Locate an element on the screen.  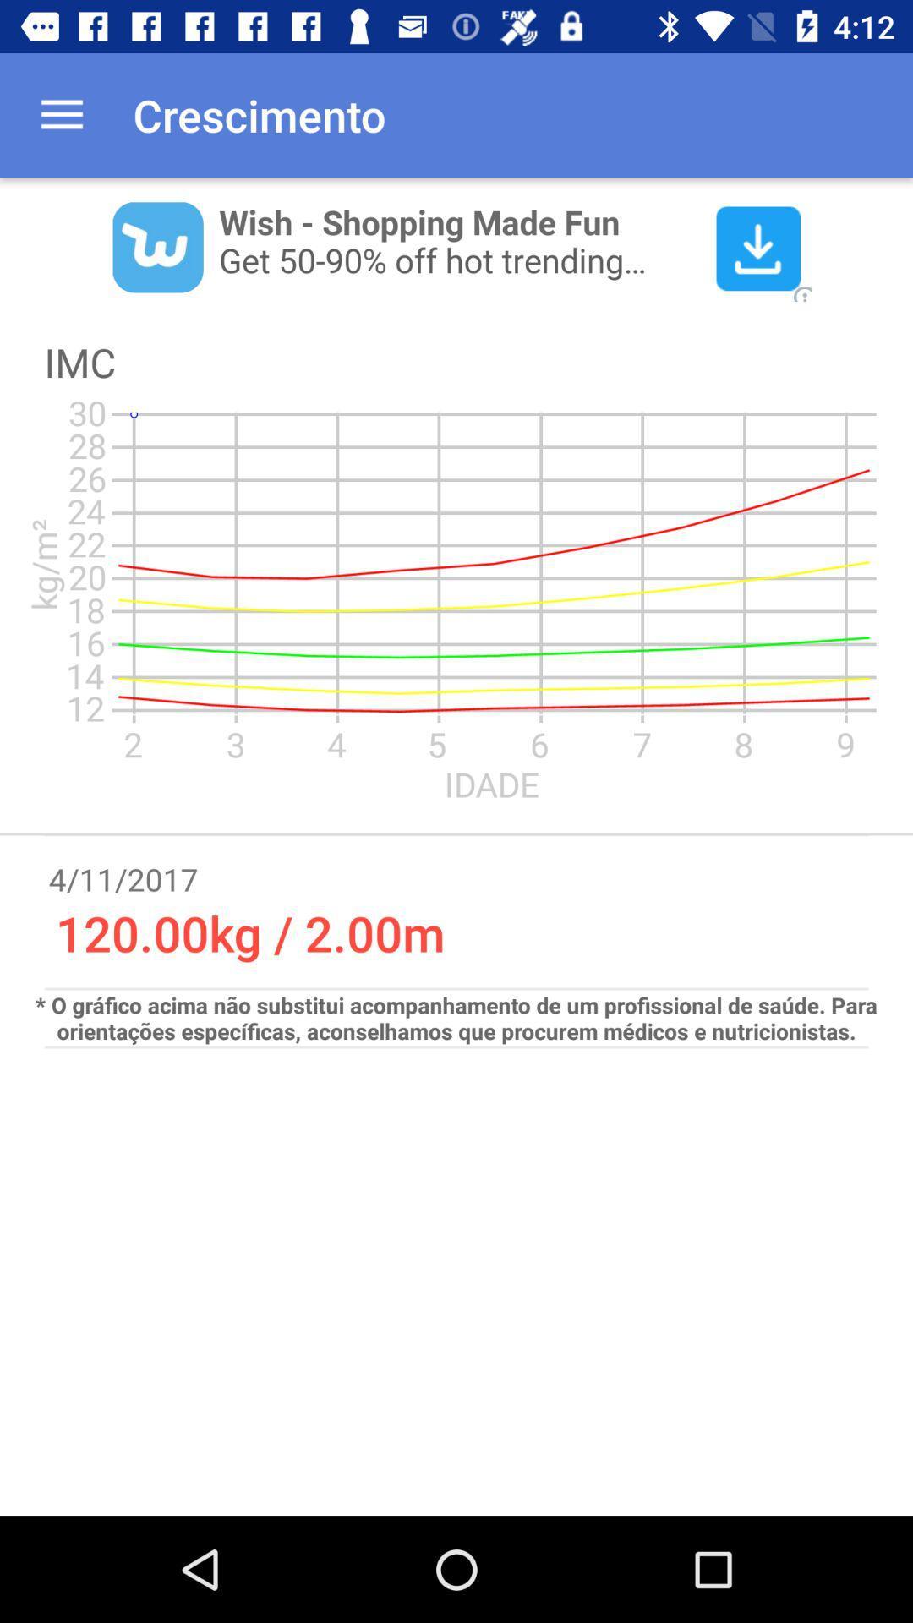
wish advertisement is located at coordinates (456, 245).